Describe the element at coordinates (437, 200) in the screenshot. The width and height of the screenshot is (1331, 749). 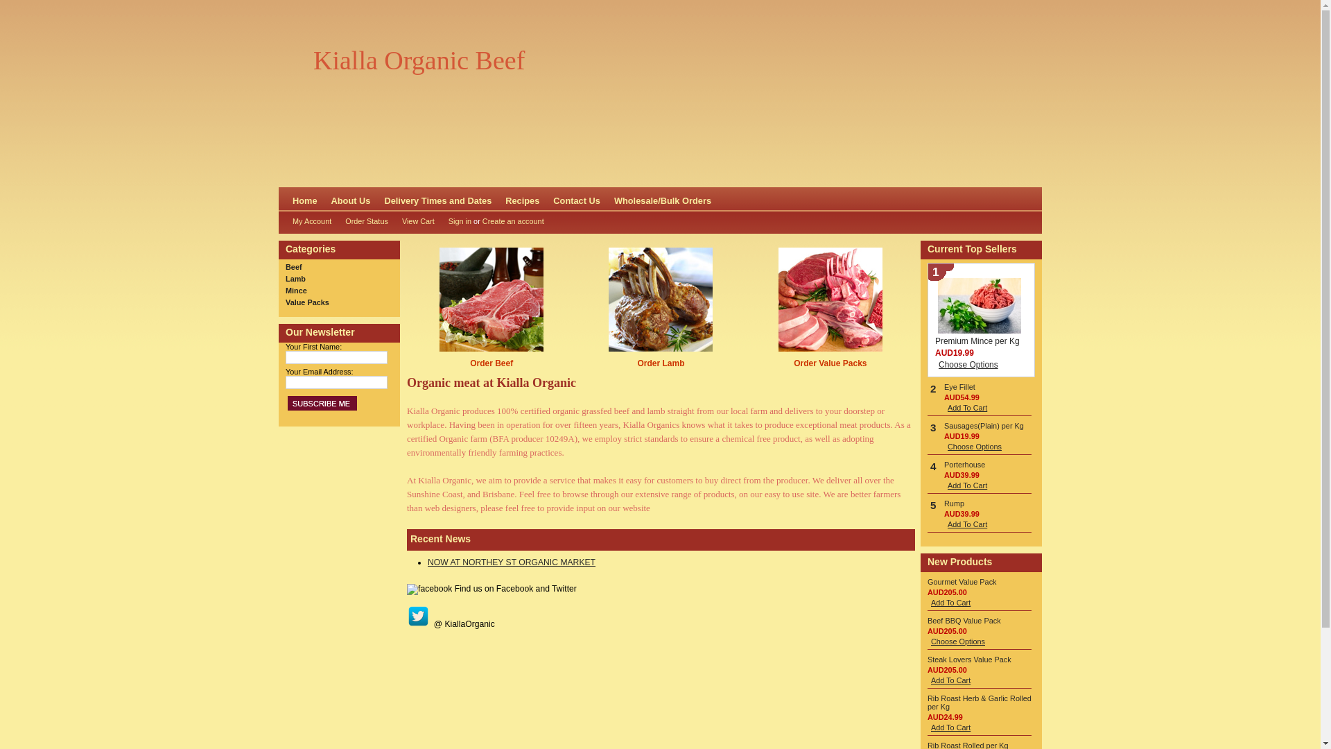
I see `'Delivery Times and Dates'` at that location.